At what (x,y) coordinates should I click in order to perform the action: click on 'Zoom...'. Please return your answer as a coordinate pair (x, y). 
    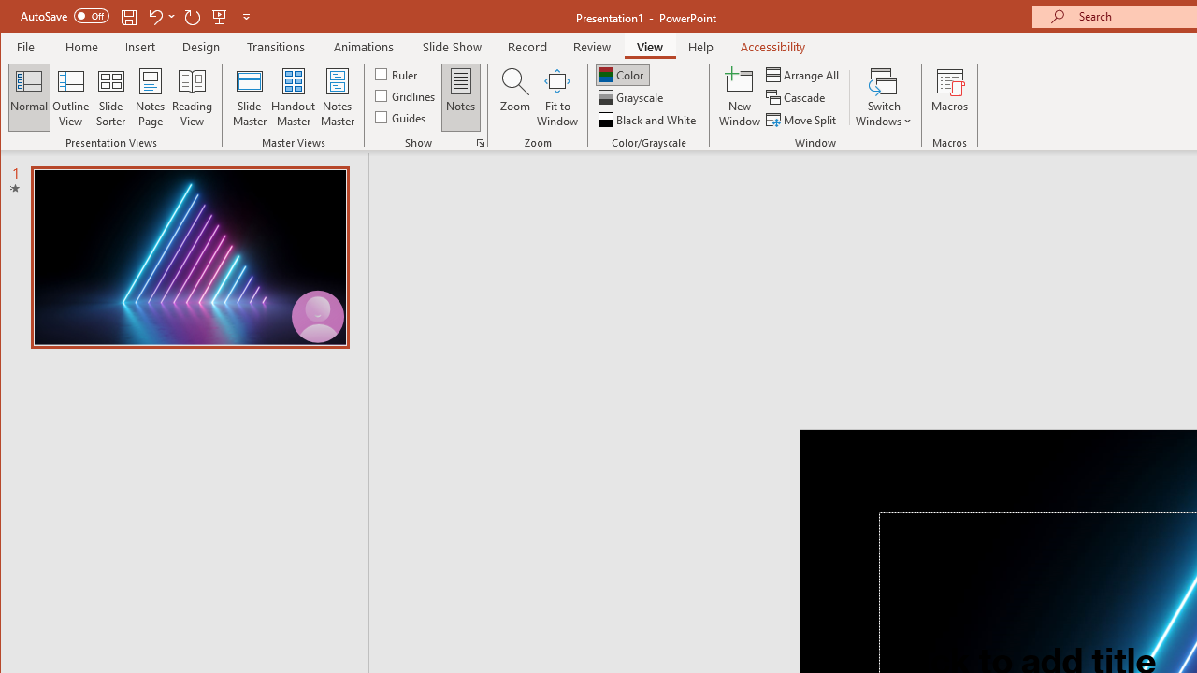
    Looking at the image, I should click on (515, 97).